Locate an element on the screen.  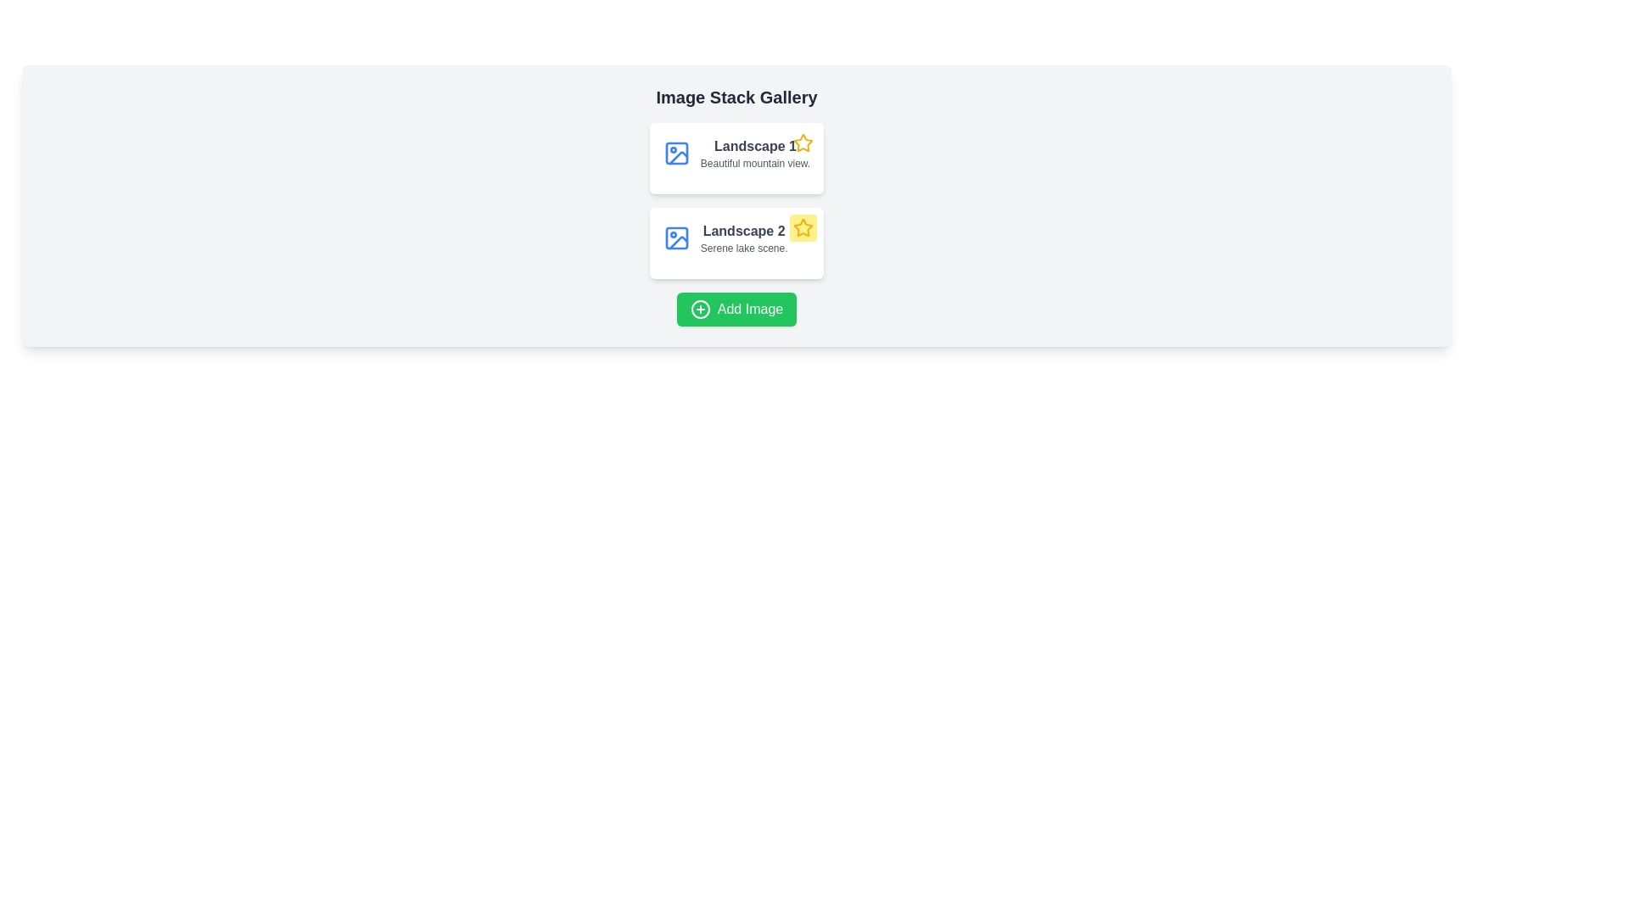
the title 'Landscape 1' on the Information card, which is located in the top-left corner of the gallery section, above the description 'Beautiful mountain view' is located at coordinates (736, 154).